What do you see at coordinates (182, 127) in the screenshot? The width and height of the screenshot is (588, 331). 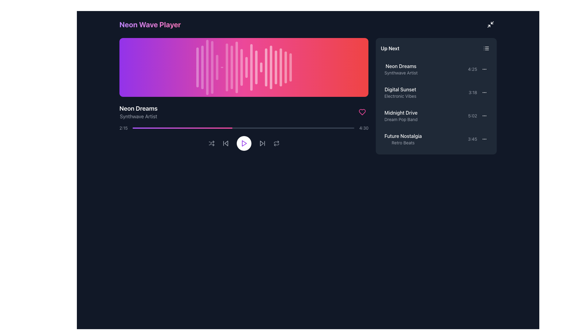 I see `the visual progress indicator, which is a horizontal gradient progress bar transitioning from purple to pink, located below the audio waveform and above the playback controls` at bounding box center [182, 127].